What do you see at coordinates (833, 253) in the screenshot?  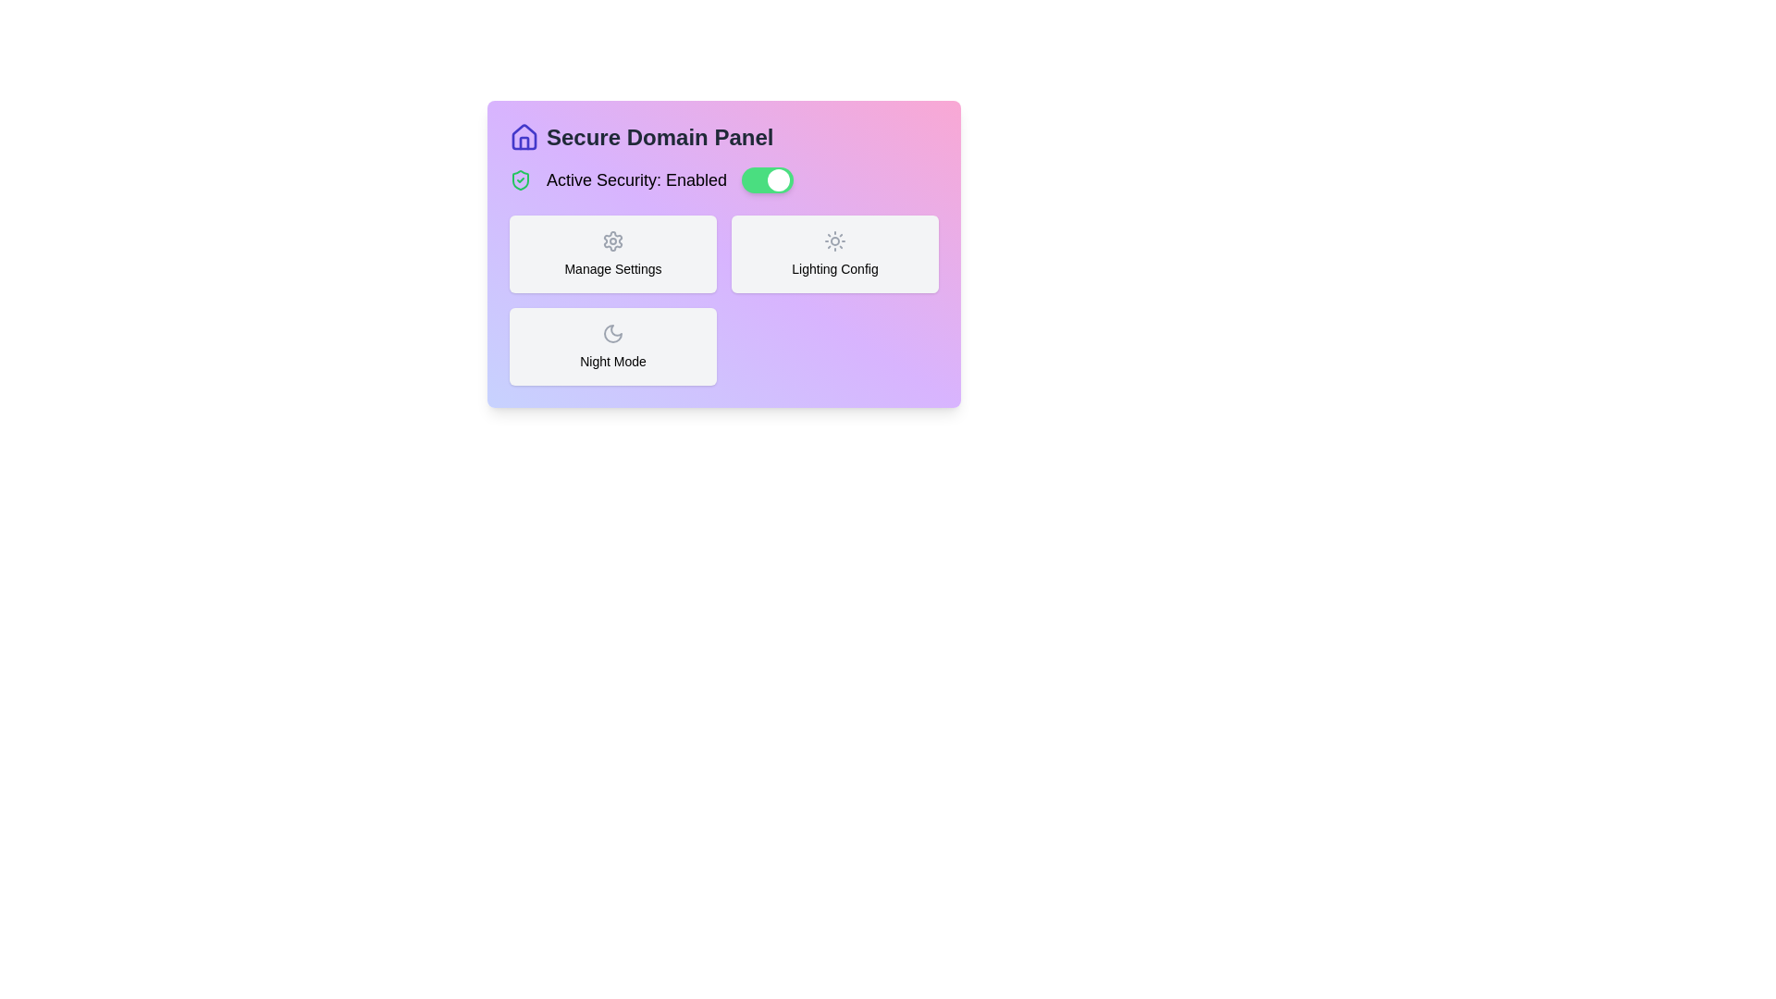 I see `the button in the top-right grid of the settings section` at bounding box center [833, 253].